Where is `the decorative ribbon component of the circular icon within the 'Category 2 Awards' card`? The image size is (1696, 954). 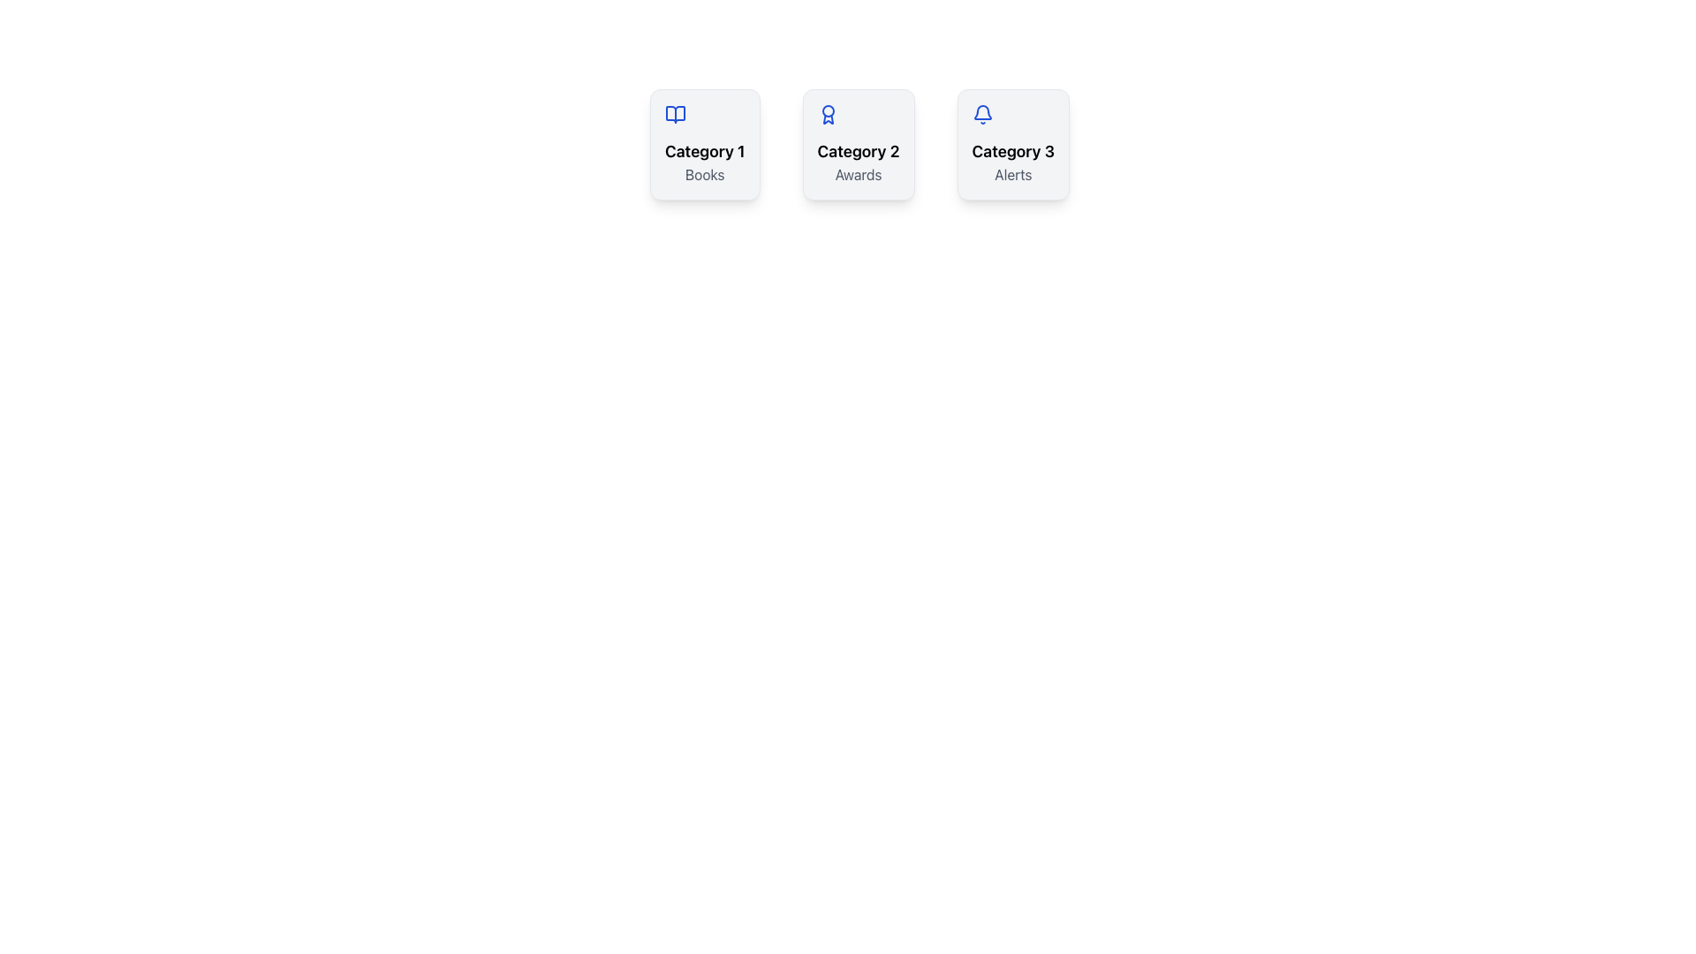 the decorative ribbon component of the circular icon within the 'Category 2 Awards' card is located at coordinates (827, 119).